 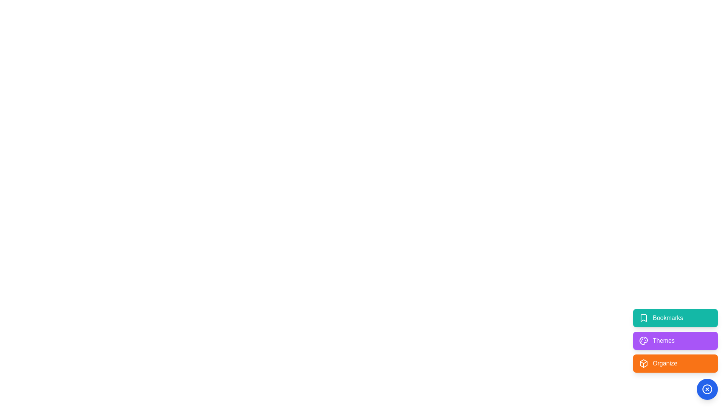 I want to click on the 'Organize' button, so click(x=676, y=363).